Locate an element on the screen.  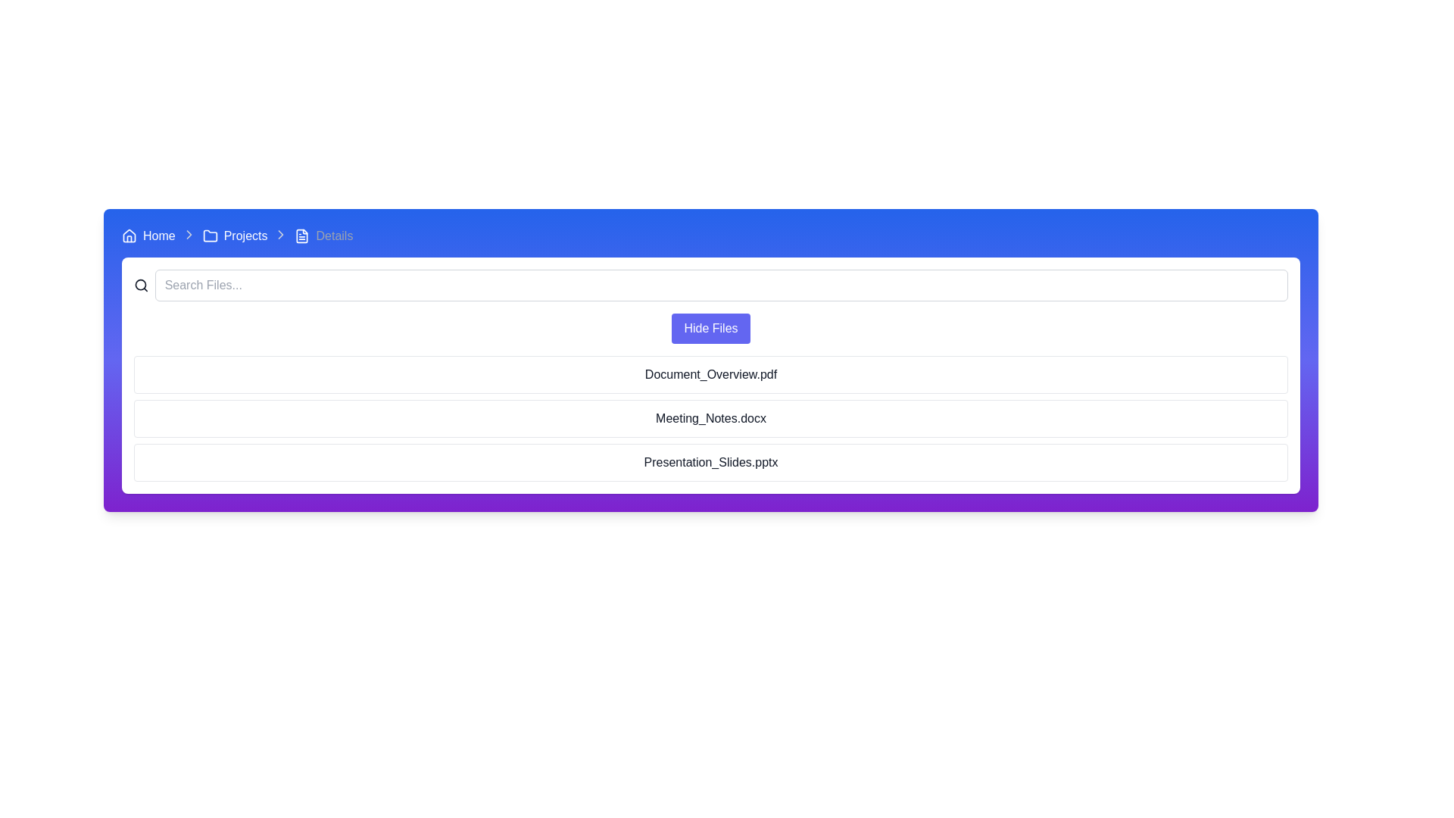
the 'Home' icon located at the top-left of the interface, which serves as a navigation button to return to the main page of the application is located at coordinates (129, 236).